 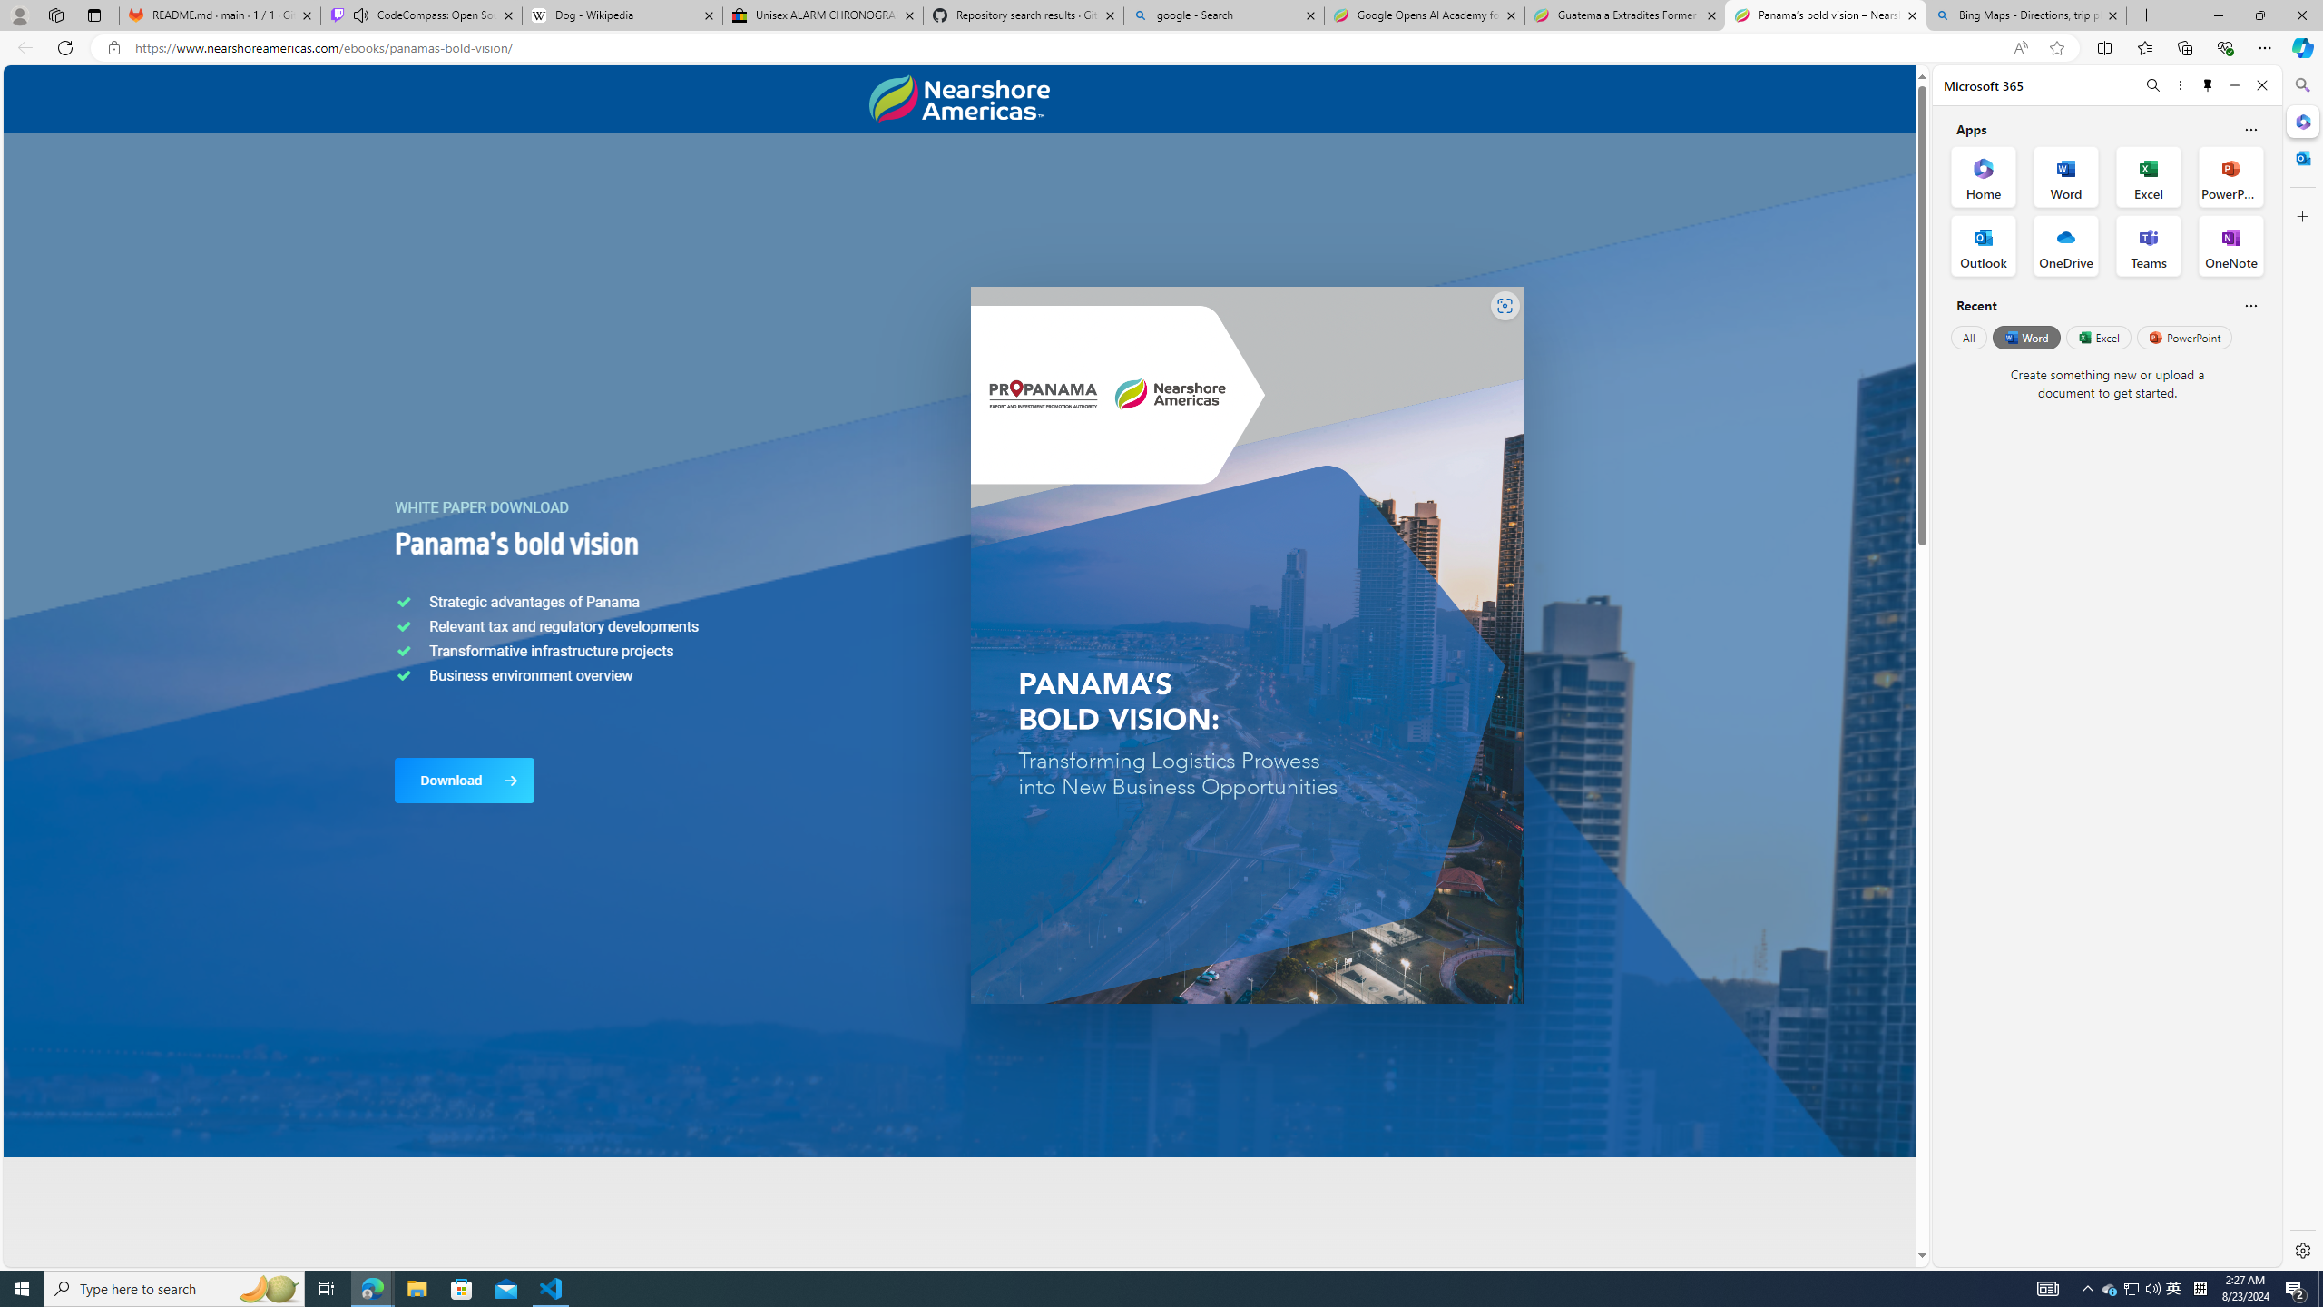 What do you see at coordinates (2230, 246) in the screenshot?
I see `'OneNote Office App'` at bounding box center [2230, 246].